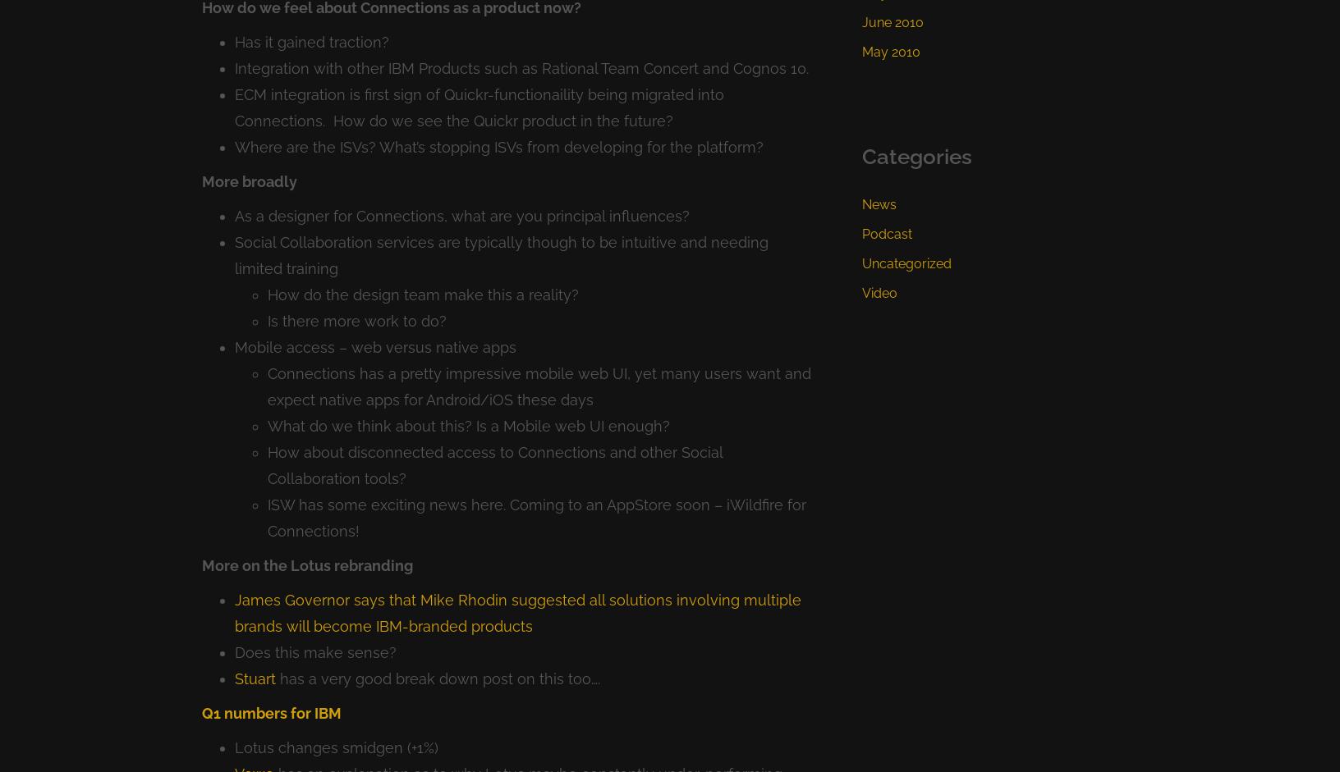 This screenshot has width=1340, height=772. I want to click on 'June 2010', so click(892, 21).